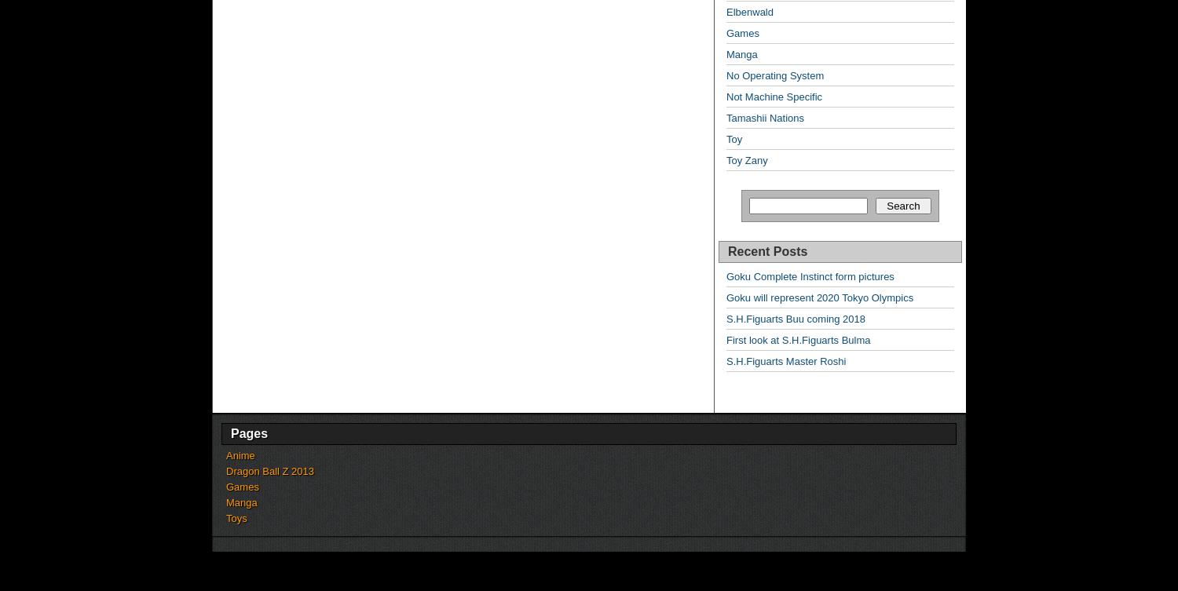 The image size is (1178, 591). Describe the element at coordinates (726, 12) in the screenshot. I see `'Elbenwald'` at that location.